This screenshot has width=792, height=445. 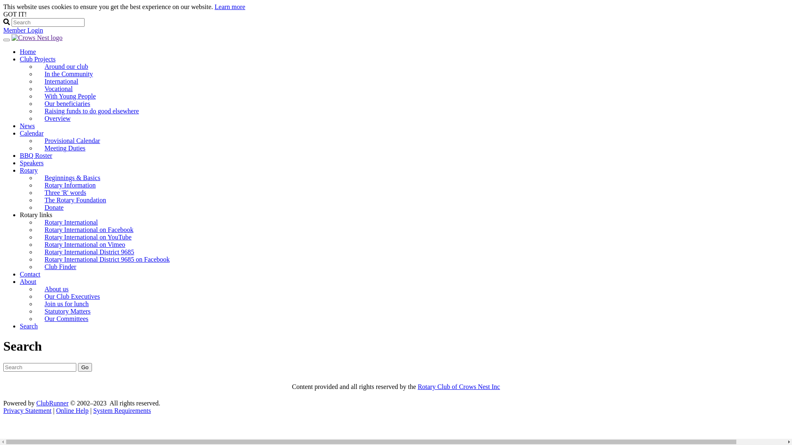 What do you see at coordinates (6, 40) in the screenshot?
I see `'Toggle navigation'` at bounding box center [6, 40].